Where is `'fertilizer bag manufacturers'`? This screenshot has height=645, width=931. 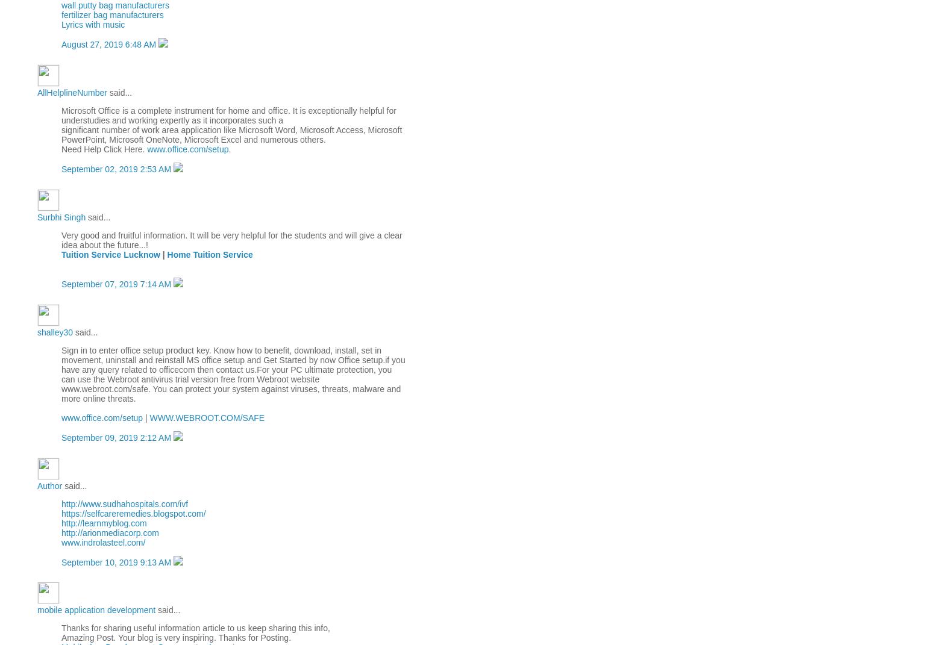
'fertilizer bag manufacturers' is located at coordinates (112, 14).